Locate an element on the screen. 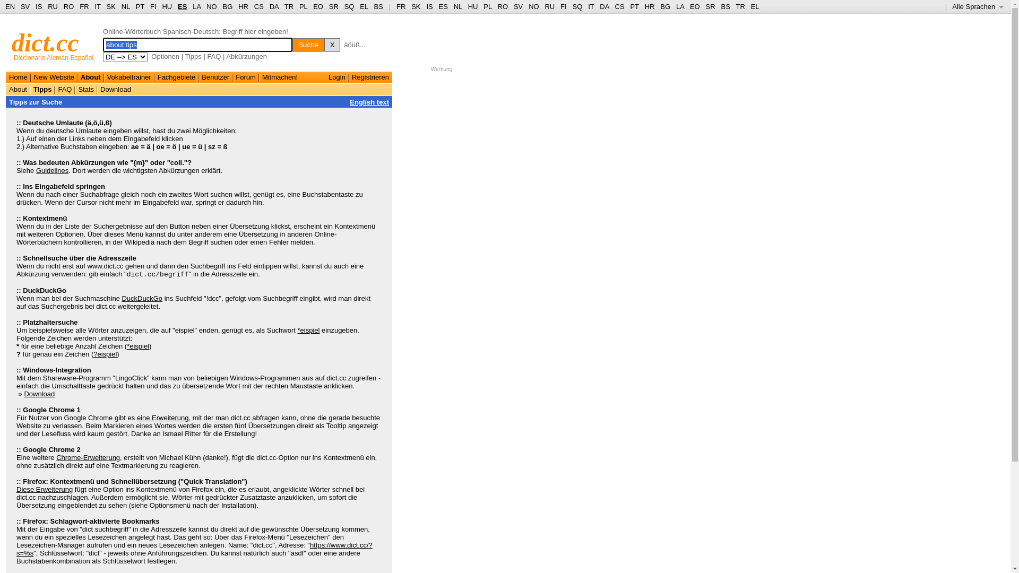  'FR' is located at coordinates (400, 6).